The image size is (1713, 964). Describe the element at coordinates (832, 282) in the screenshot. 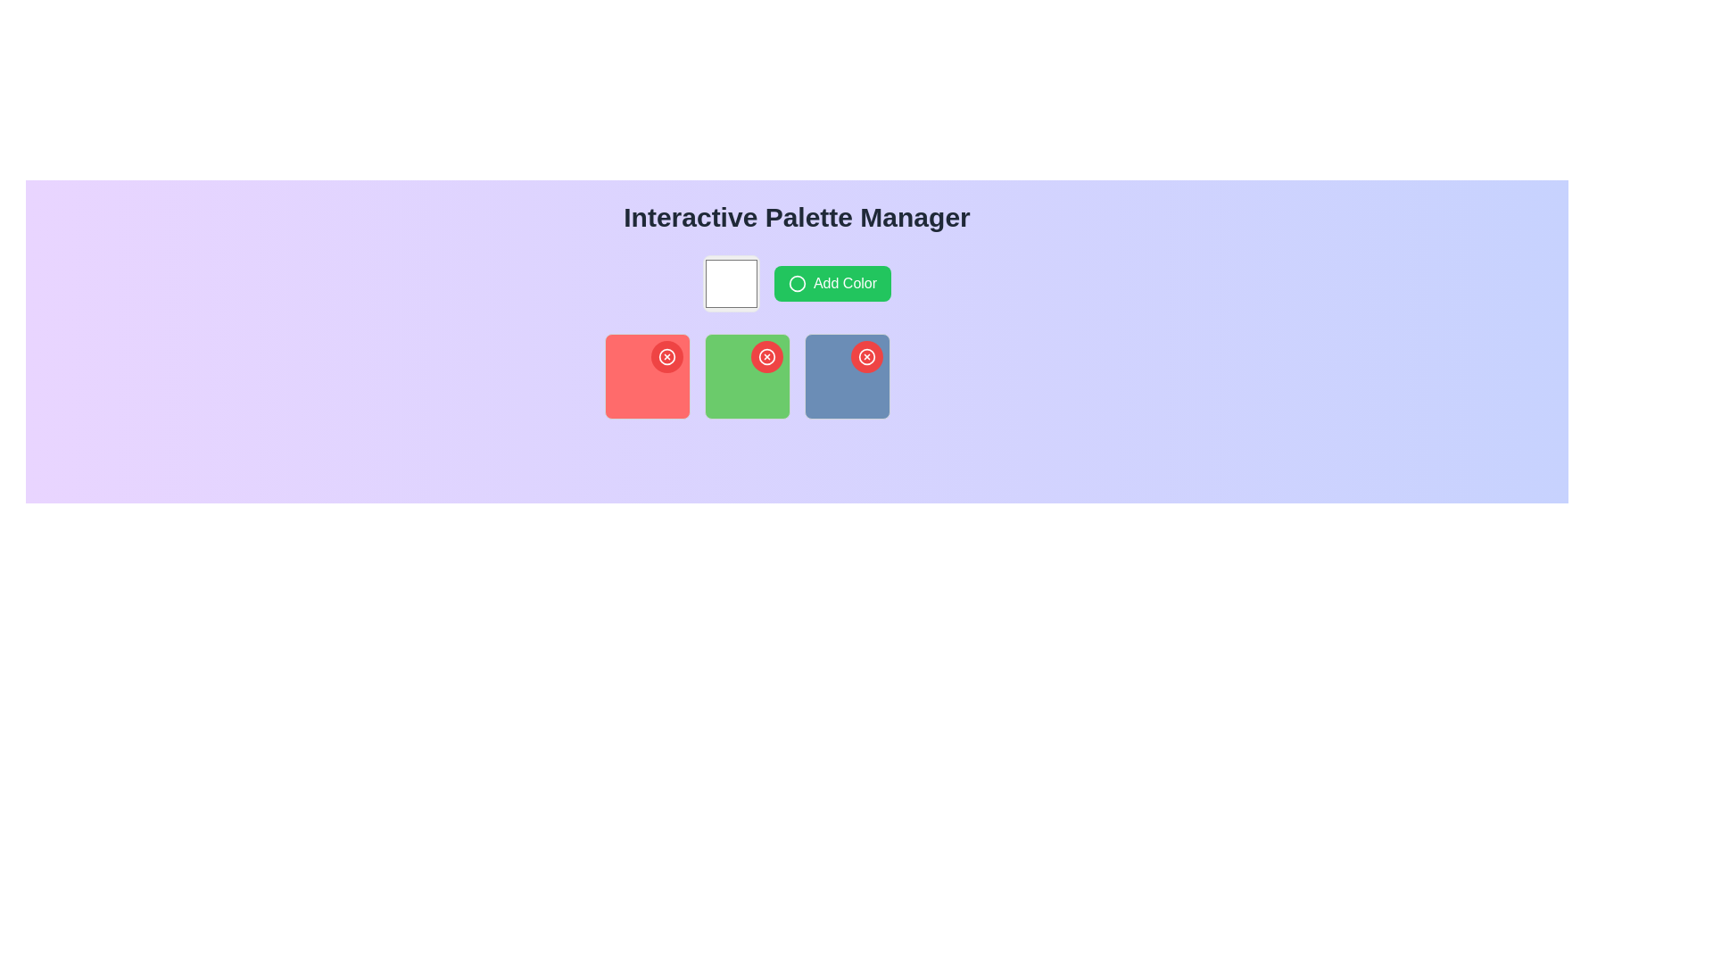

I see `the interactive button to add a new color to the palette, located below the title 'Interactive Palette Manager' and next to the color-picker box` at that location.